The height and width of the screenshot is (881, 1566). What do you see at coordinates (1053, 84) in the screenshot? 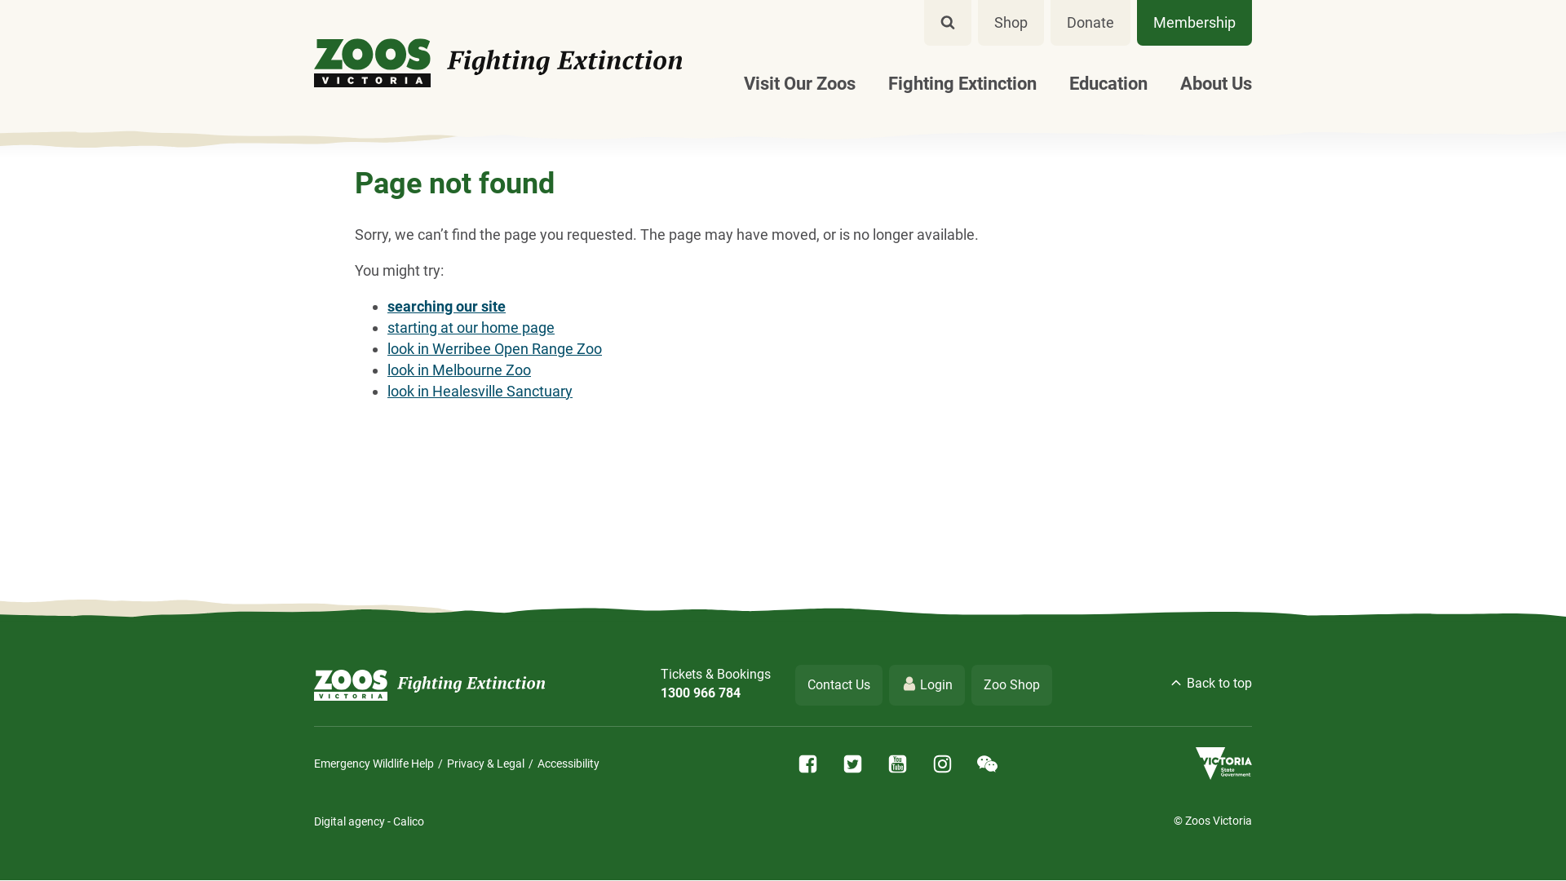
I see `'Education'` at bounding box center [1053, 84].